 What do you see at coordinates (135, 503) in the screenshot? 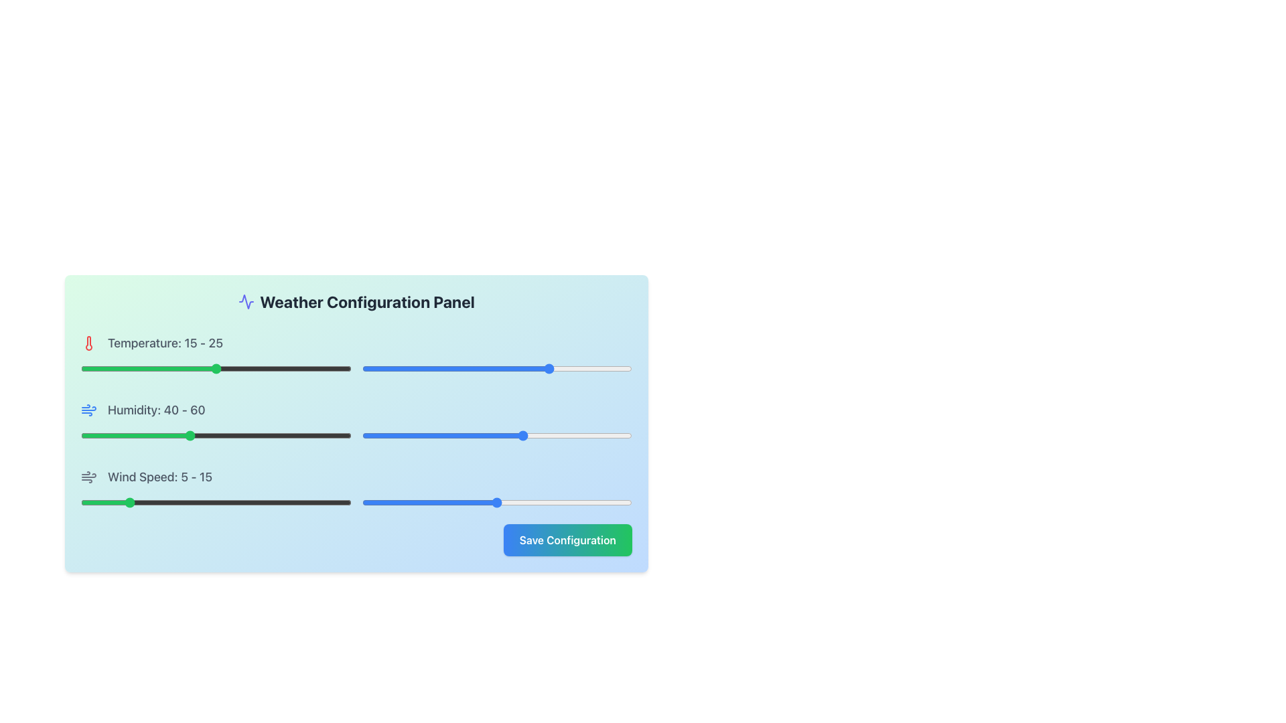
I see `the wind speed` at bounding box center [135, 503].